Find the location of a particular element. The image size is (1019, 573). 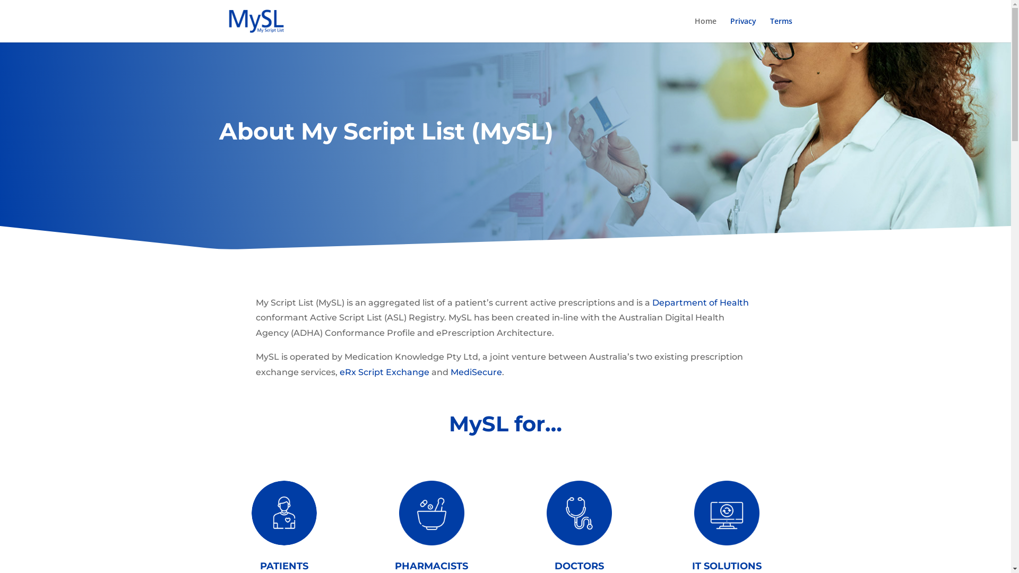

'eRx Script Exchange' is located at coordinates (384, 371).